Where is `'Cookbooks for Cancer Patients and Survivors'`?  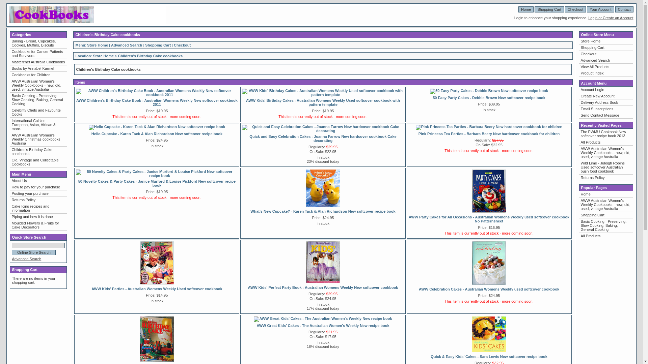 'Cookbooks for Cancer Patients and Survivors' is located at coordinates (9, 53).